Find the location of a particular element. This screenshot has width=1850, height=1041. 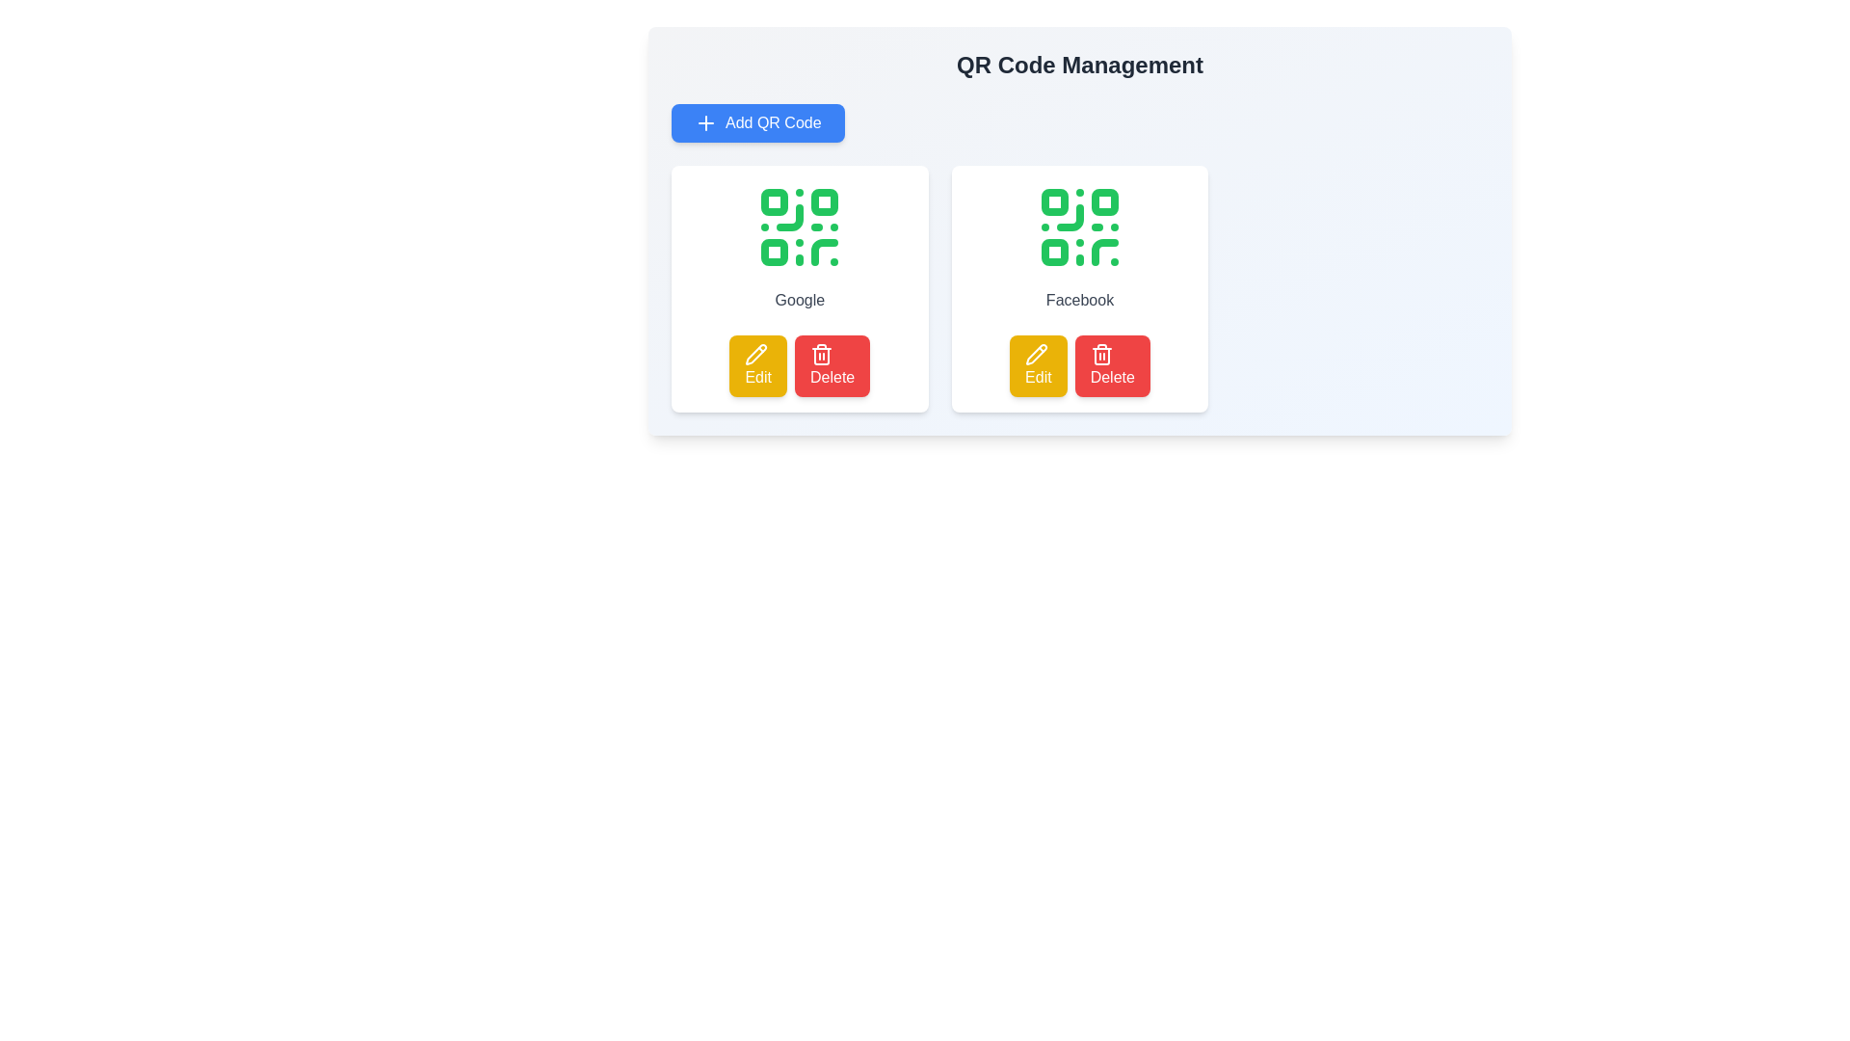

the trash bin icon within the 'Delete' button, which is outlined in white against a red background and located below the 'Google' label and QR code is located at coordinates (822, 354).